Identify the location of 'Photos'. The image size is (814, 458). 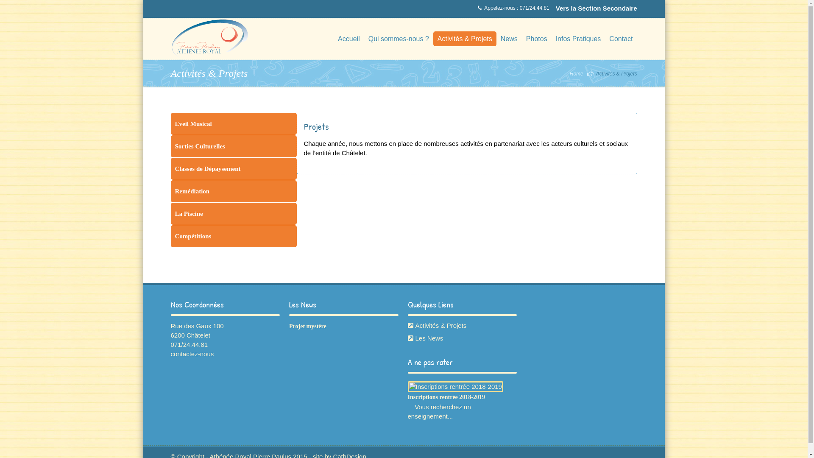
(536, 39).